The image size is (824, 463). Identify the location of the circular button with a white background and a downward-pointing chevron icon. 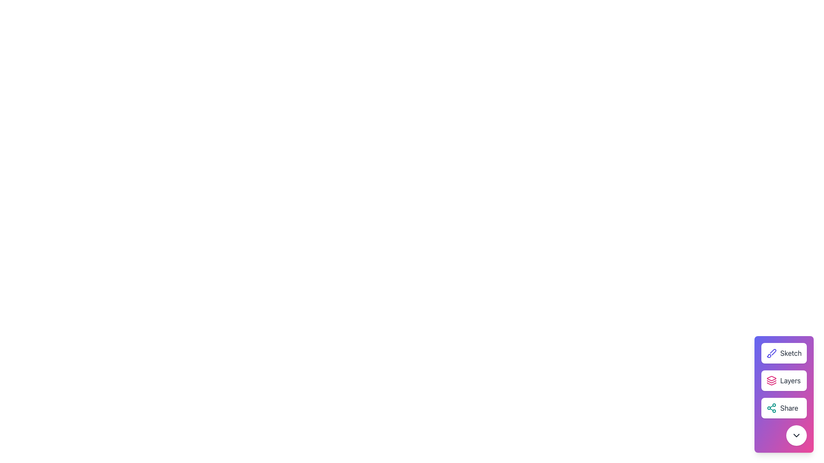
(796, 435).